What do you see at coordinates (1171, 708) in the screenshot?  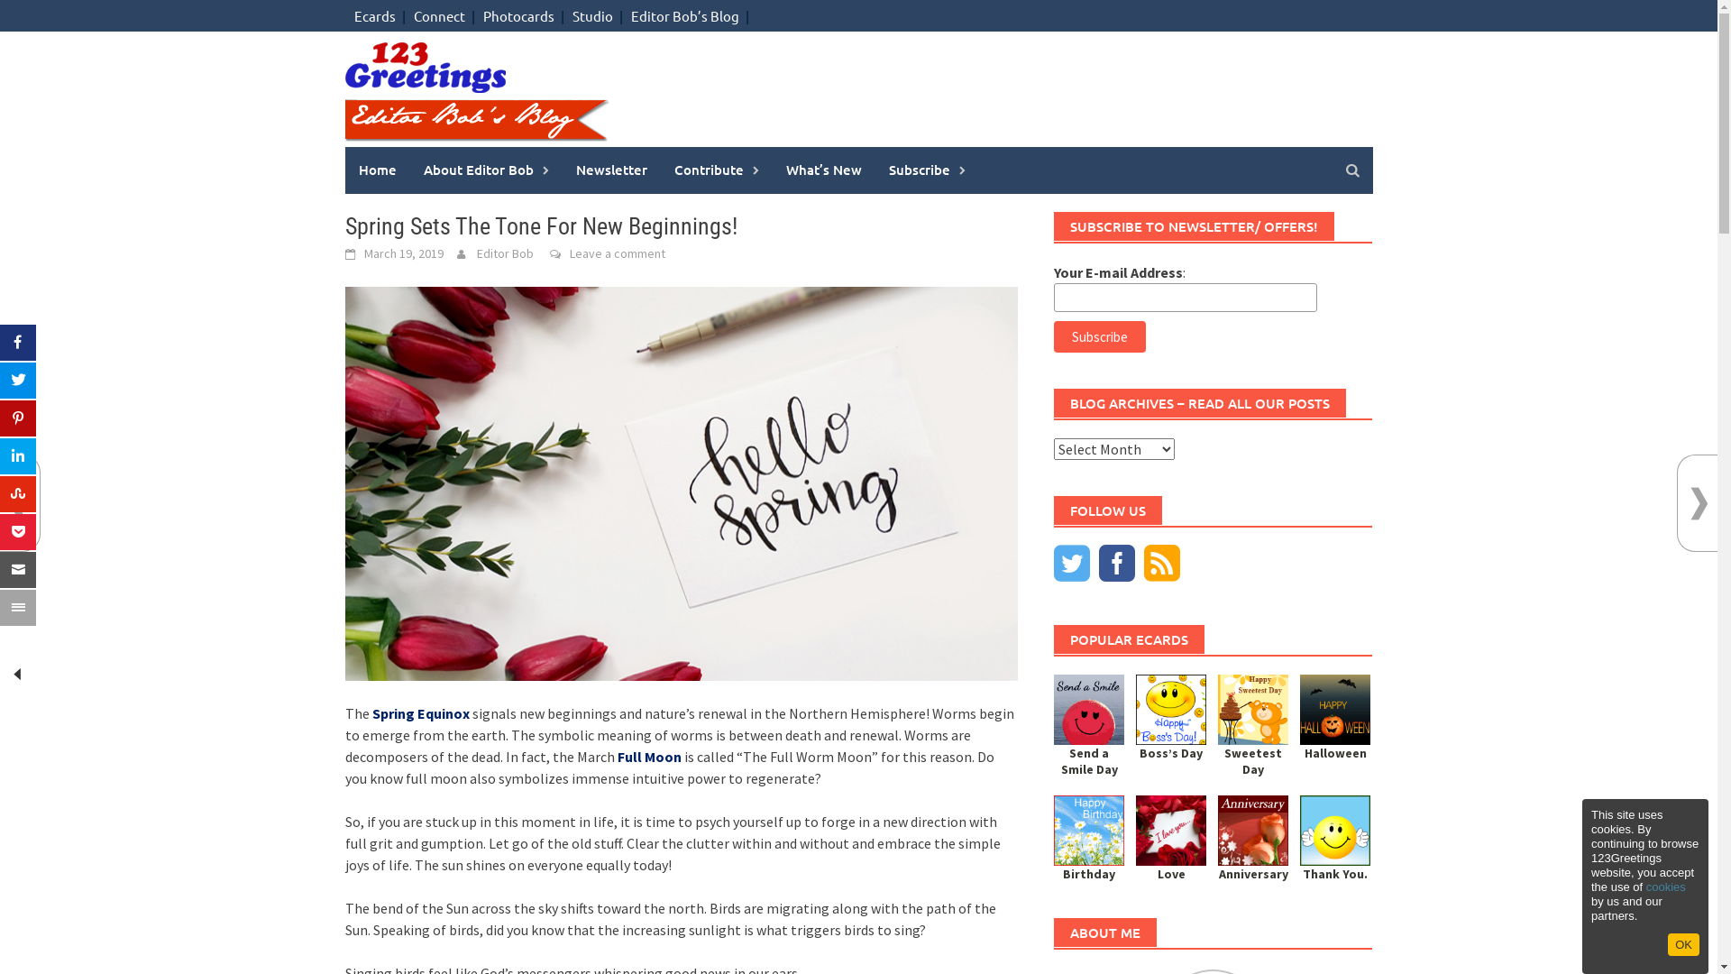 I see `'Boss's Day Smiles And Wishes!'` at bounding box center [1171, 708].